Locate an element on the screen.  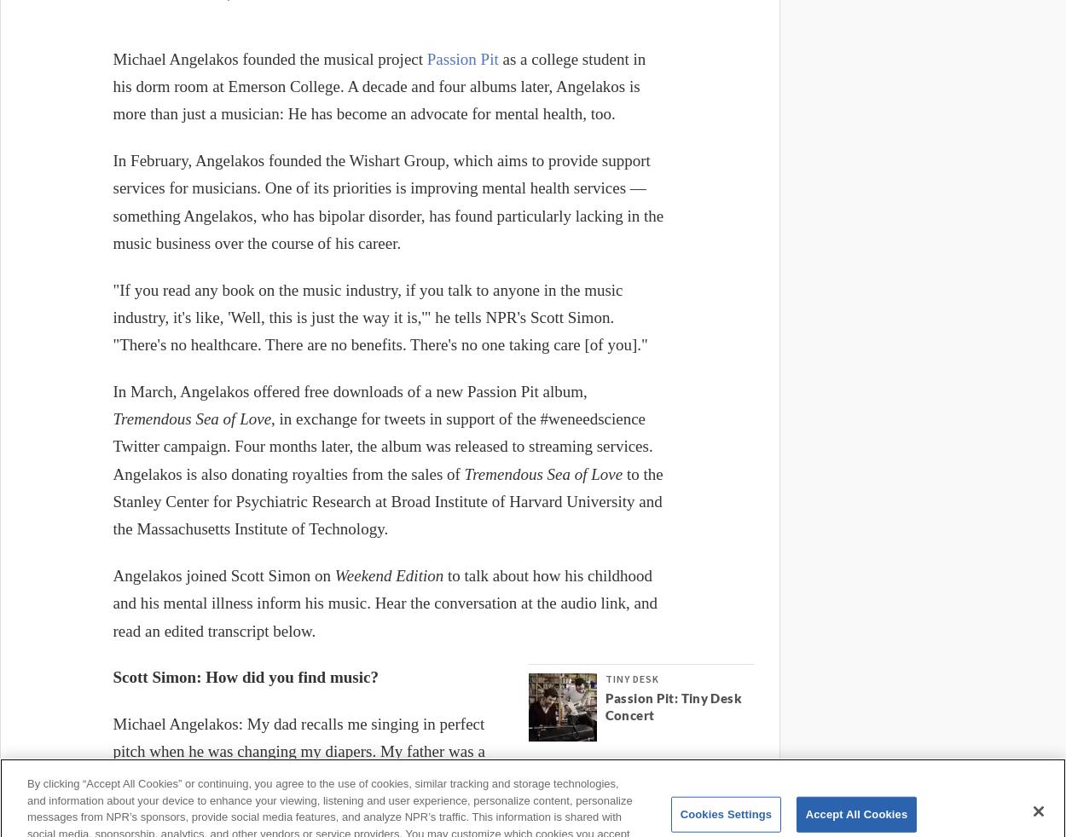
'as a college student in his dorm room at Emerson College. A decade and four albums later, Angelakos is more than just a musician: He has become an advocate for mental health, too.' is located at coordinates (378, 85).